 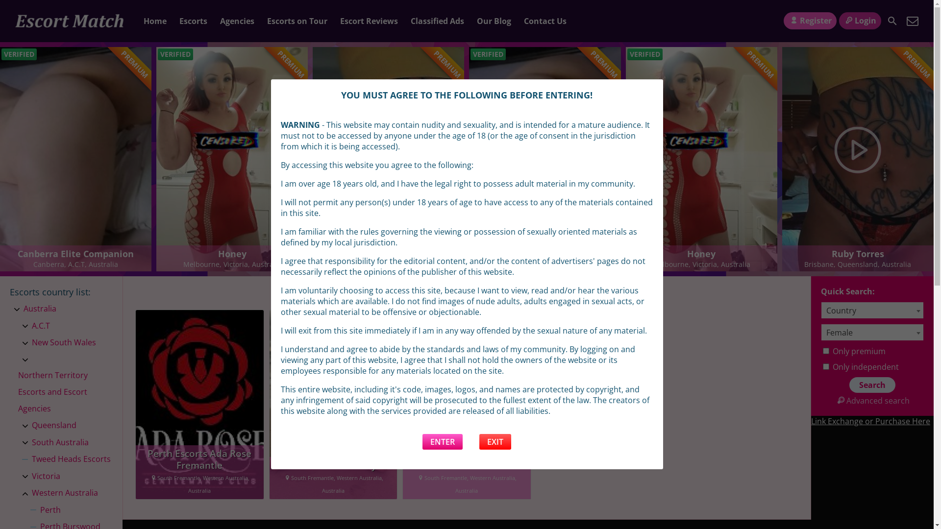 What do you see at coordinates (40, 326) in the screenshot?
I see `'A.C.T'` at bounding box center [40, 326].